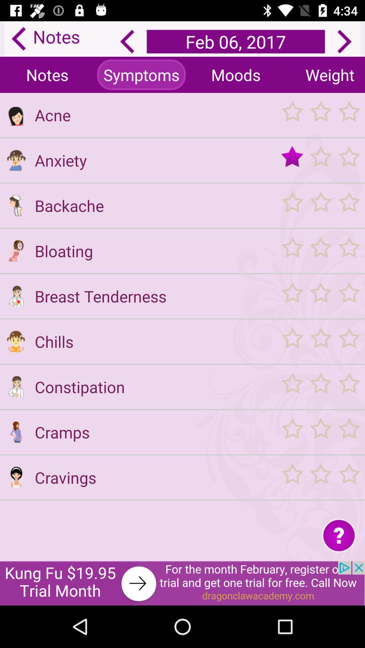 The image size is (365, 648). I want to click on anxiety description, so click(16, 160).